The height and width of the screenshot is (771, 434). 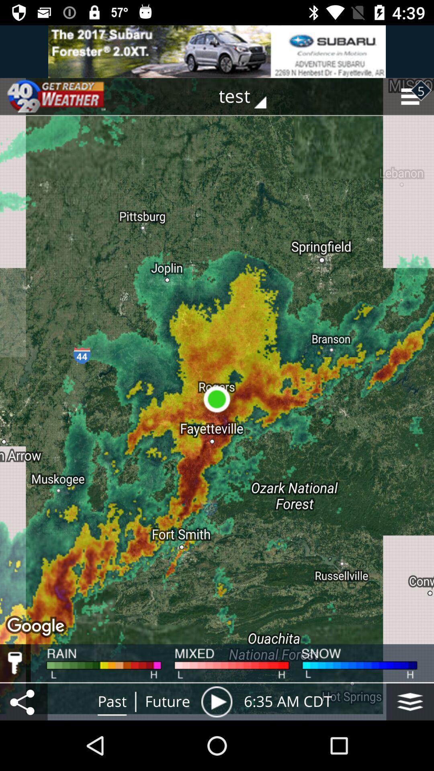 What do you see at coordinates (23, 701) in the screenshot?
I see `share` at bounding box center [23, 701].